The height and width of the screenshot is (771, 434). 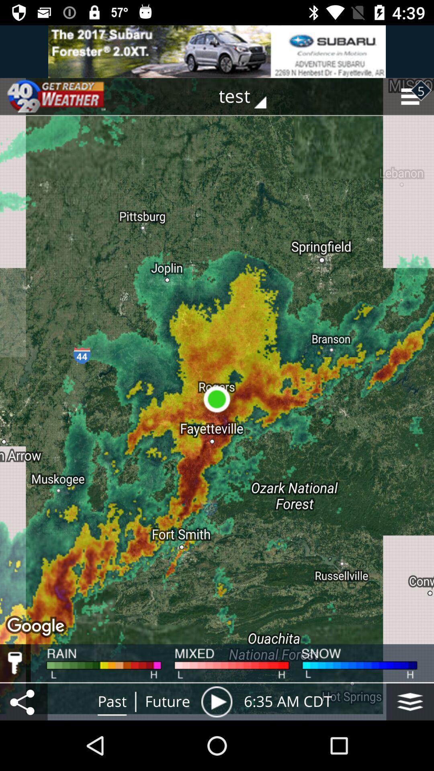 What do you see at coordinates (23, 701) in the screenshot?
I see `share` at bounding box center [23, 701].